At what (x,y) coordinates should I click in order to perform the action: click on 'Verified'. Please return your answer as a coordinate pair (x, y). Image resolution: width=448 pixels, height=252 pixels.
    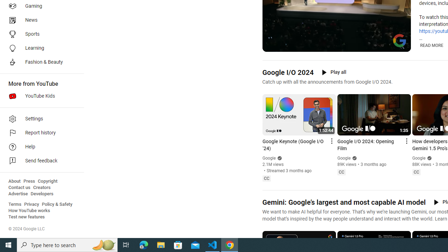
    Looking at the image, I should click on (428, 158).